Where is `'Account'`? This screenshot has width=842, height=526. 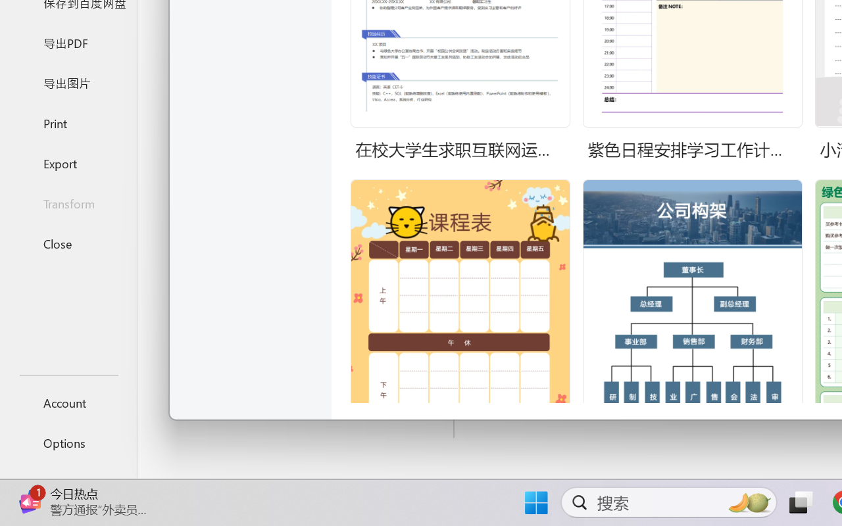 'Account' is located at coordinates (68, 402).